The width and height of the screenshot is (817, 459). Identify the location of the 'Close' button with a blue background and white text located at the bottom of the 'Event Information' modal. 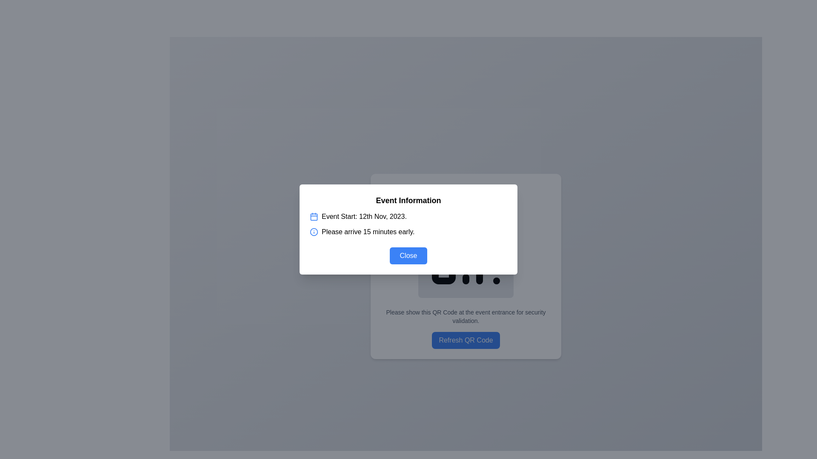
(408, 255).